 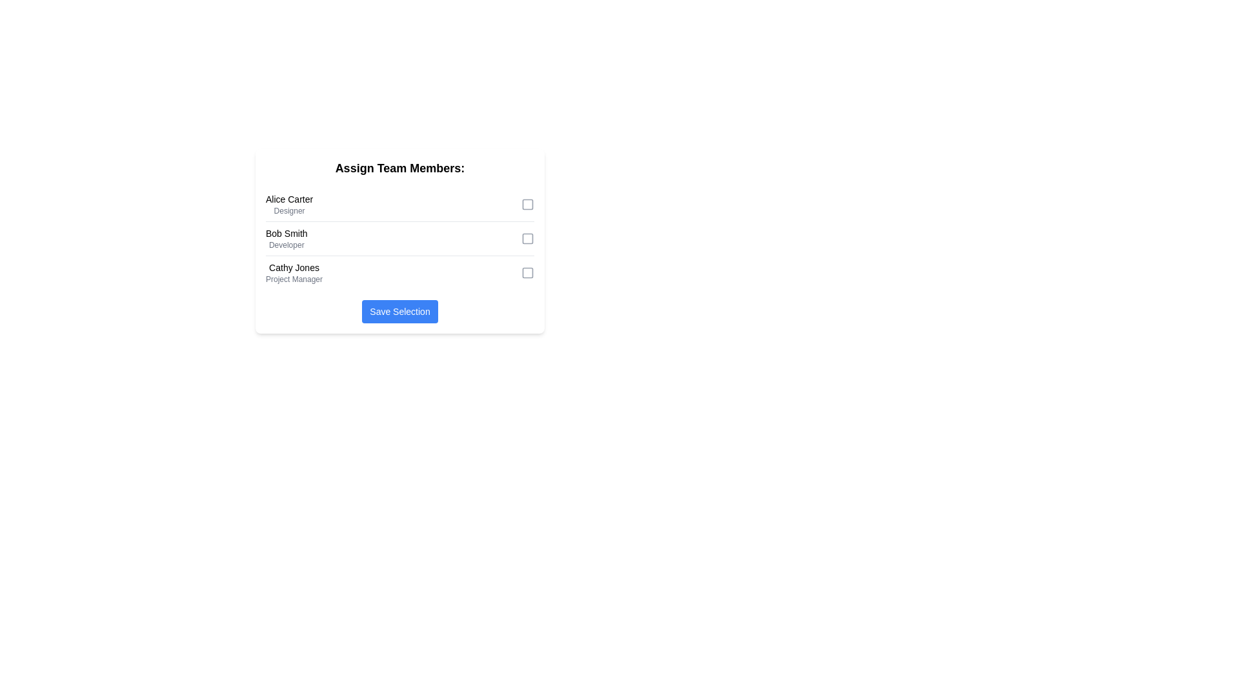 I want to click on the text label indicating the name of the team member in the second row, which is positioned above the role 'Developer', so click(x=286, y=234).